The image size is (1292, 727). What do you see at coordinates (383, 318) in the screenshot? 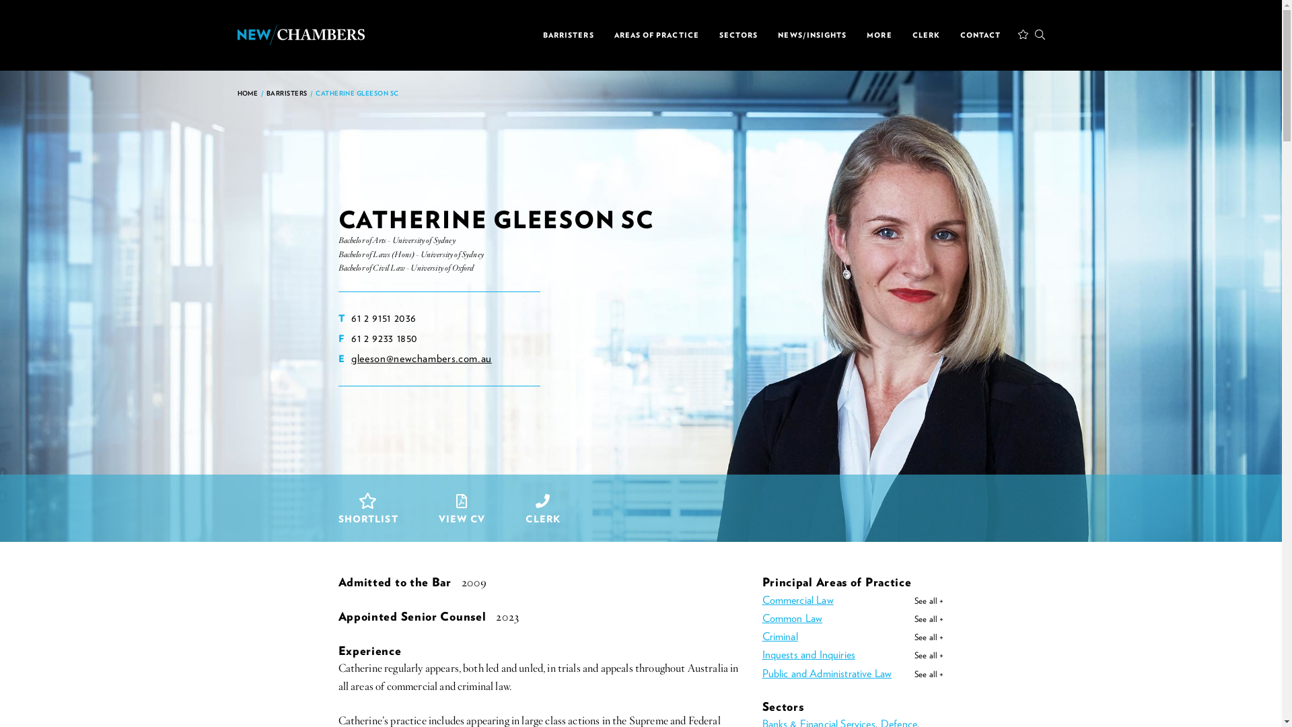
I see `'61 2 9151 2036'` at bounding box center [383, 318].